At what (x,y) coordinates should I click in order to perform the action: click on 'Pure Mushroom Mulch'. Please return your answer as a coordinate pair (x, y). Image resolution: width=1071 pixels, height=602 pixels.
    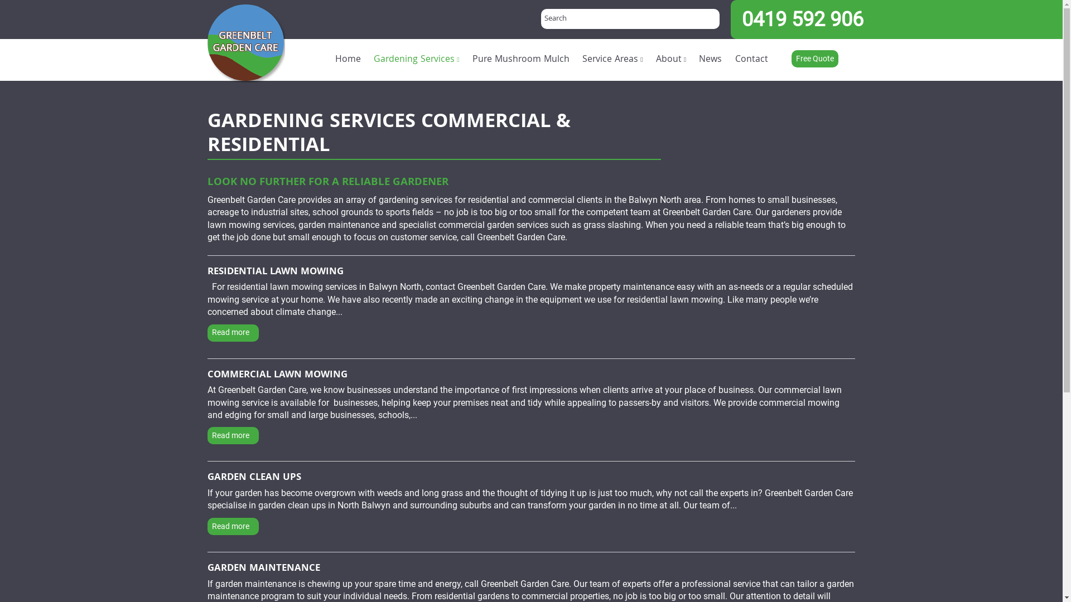
    Looking at the image, I should click on (520, 60).